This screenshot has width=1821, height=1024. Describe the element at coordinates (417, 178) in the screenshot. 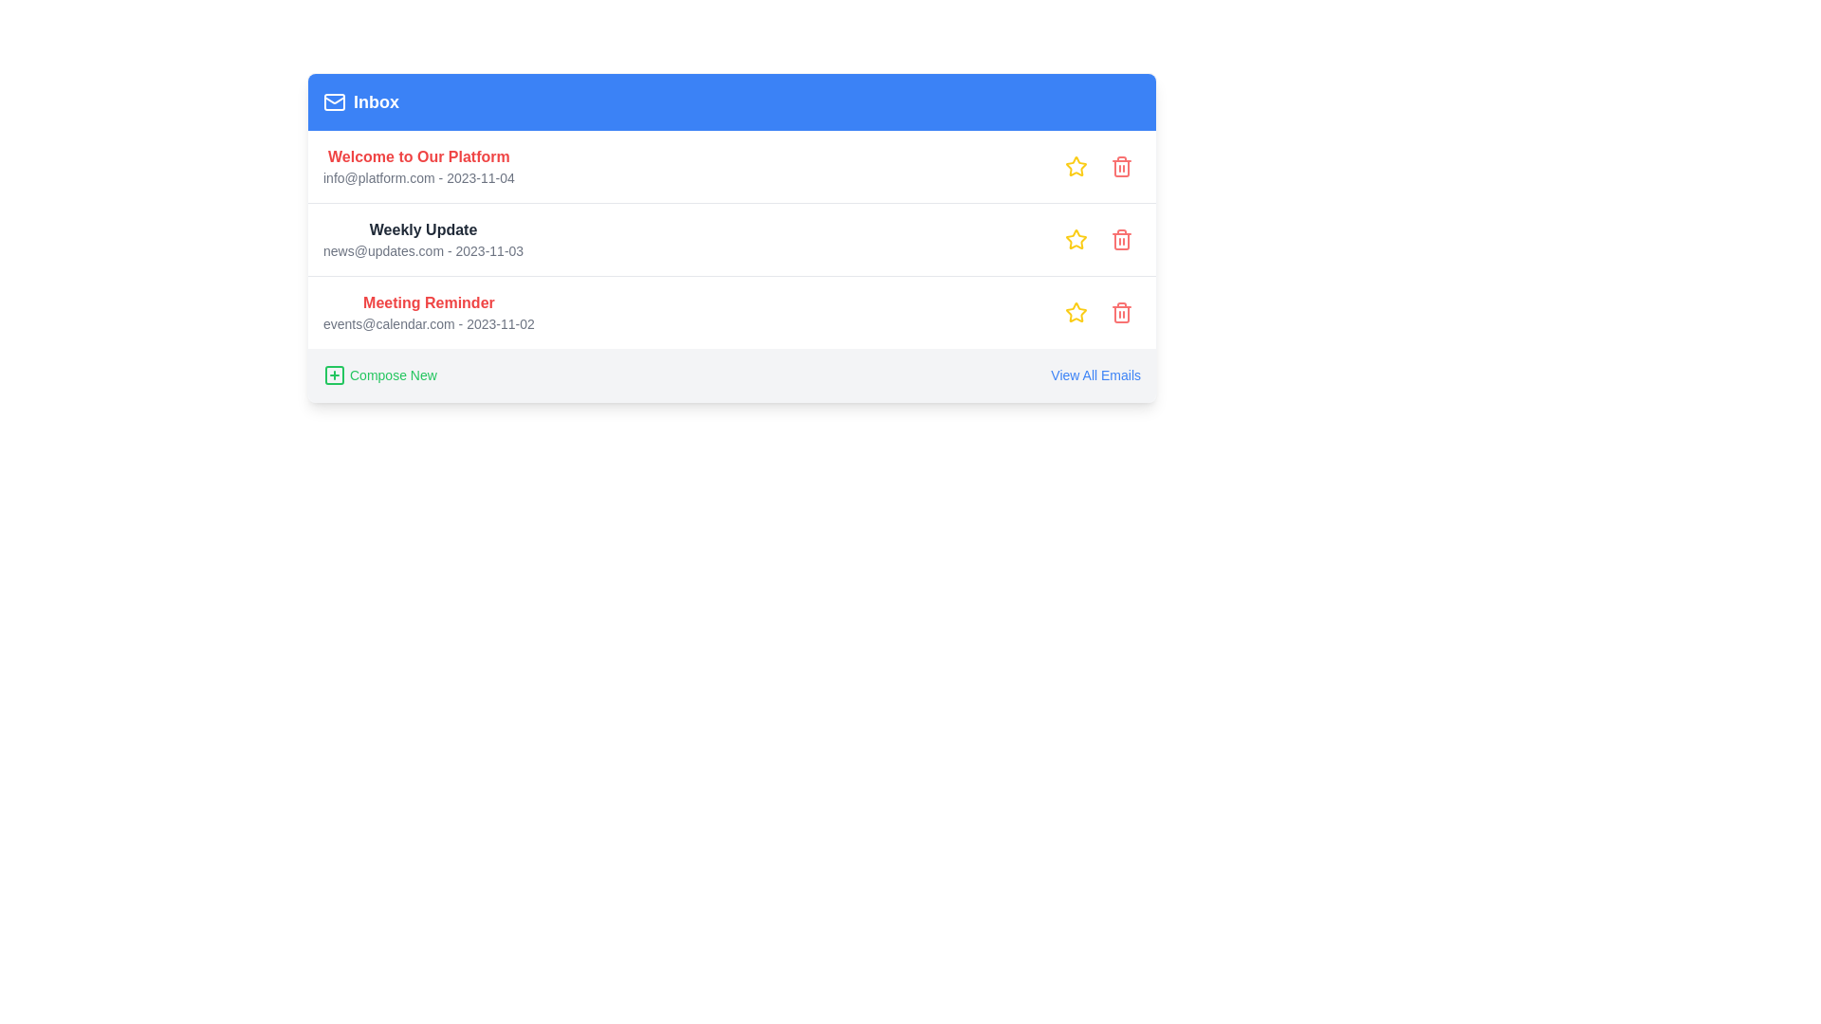

I see `informational text displaying an email address and a date, which is located below the heading 'Welcome to Our Platform'` at that location.